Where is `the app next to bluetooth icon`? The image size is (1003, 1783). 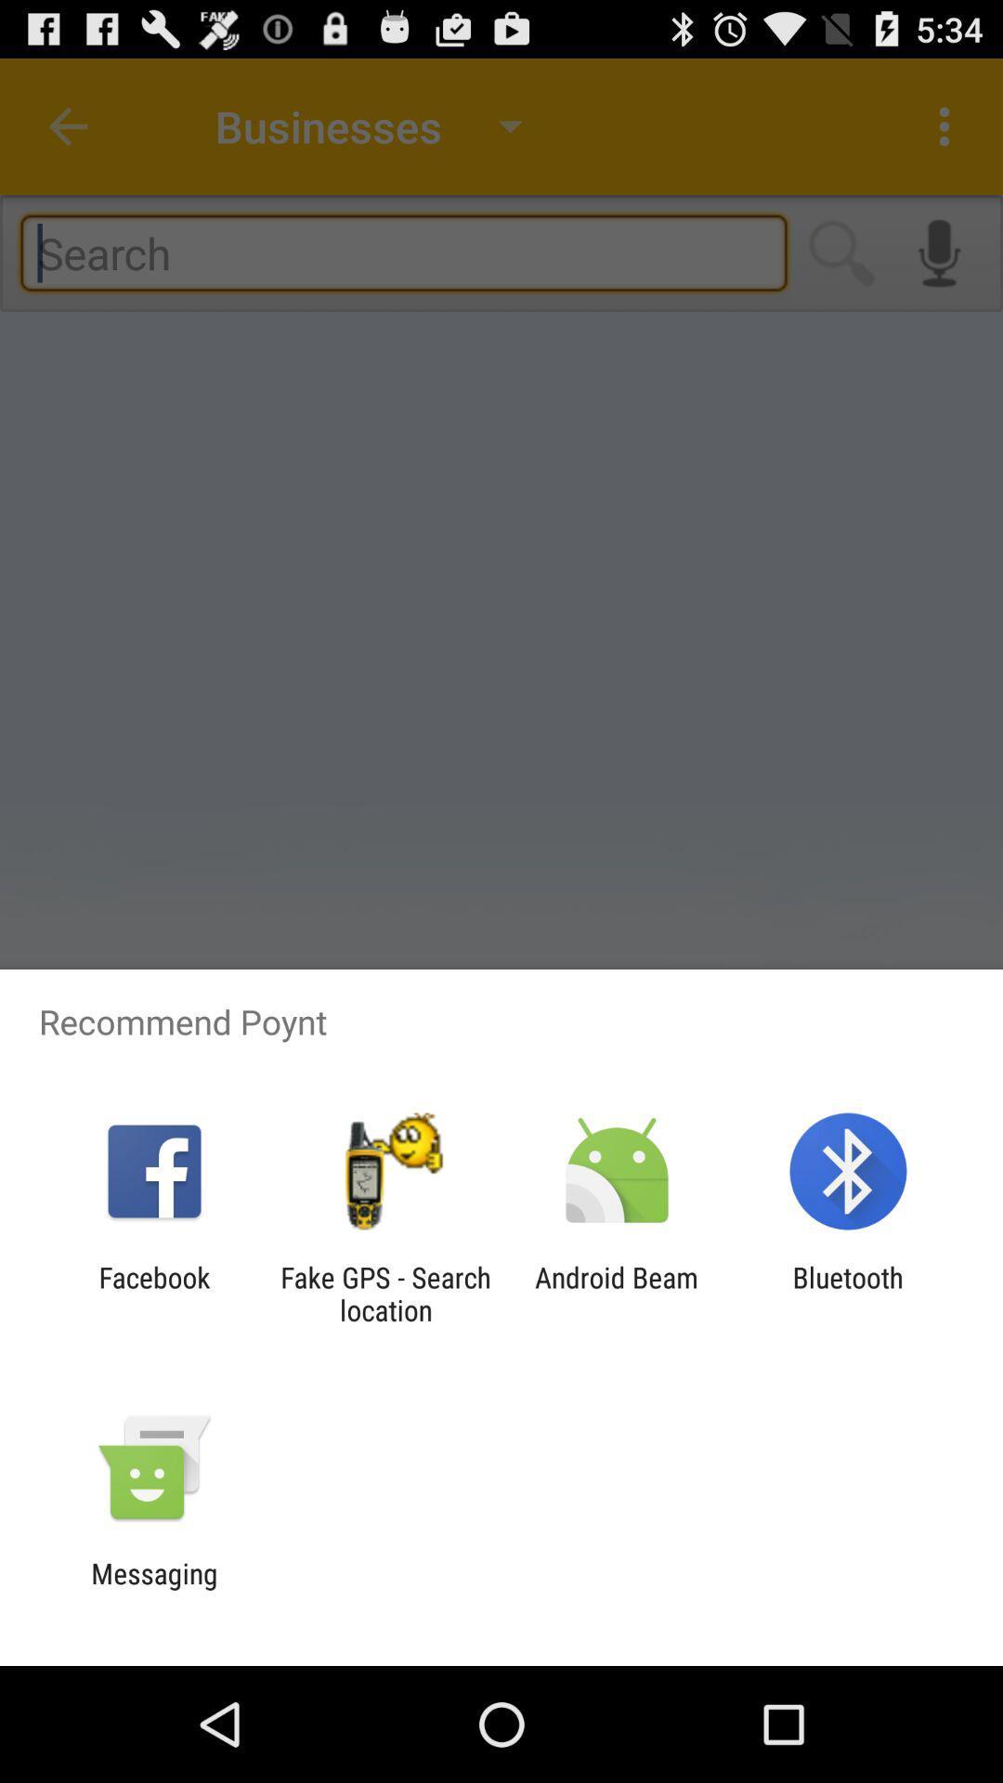 the app next to bluetooth icon is located at coordinates (617, 1293).